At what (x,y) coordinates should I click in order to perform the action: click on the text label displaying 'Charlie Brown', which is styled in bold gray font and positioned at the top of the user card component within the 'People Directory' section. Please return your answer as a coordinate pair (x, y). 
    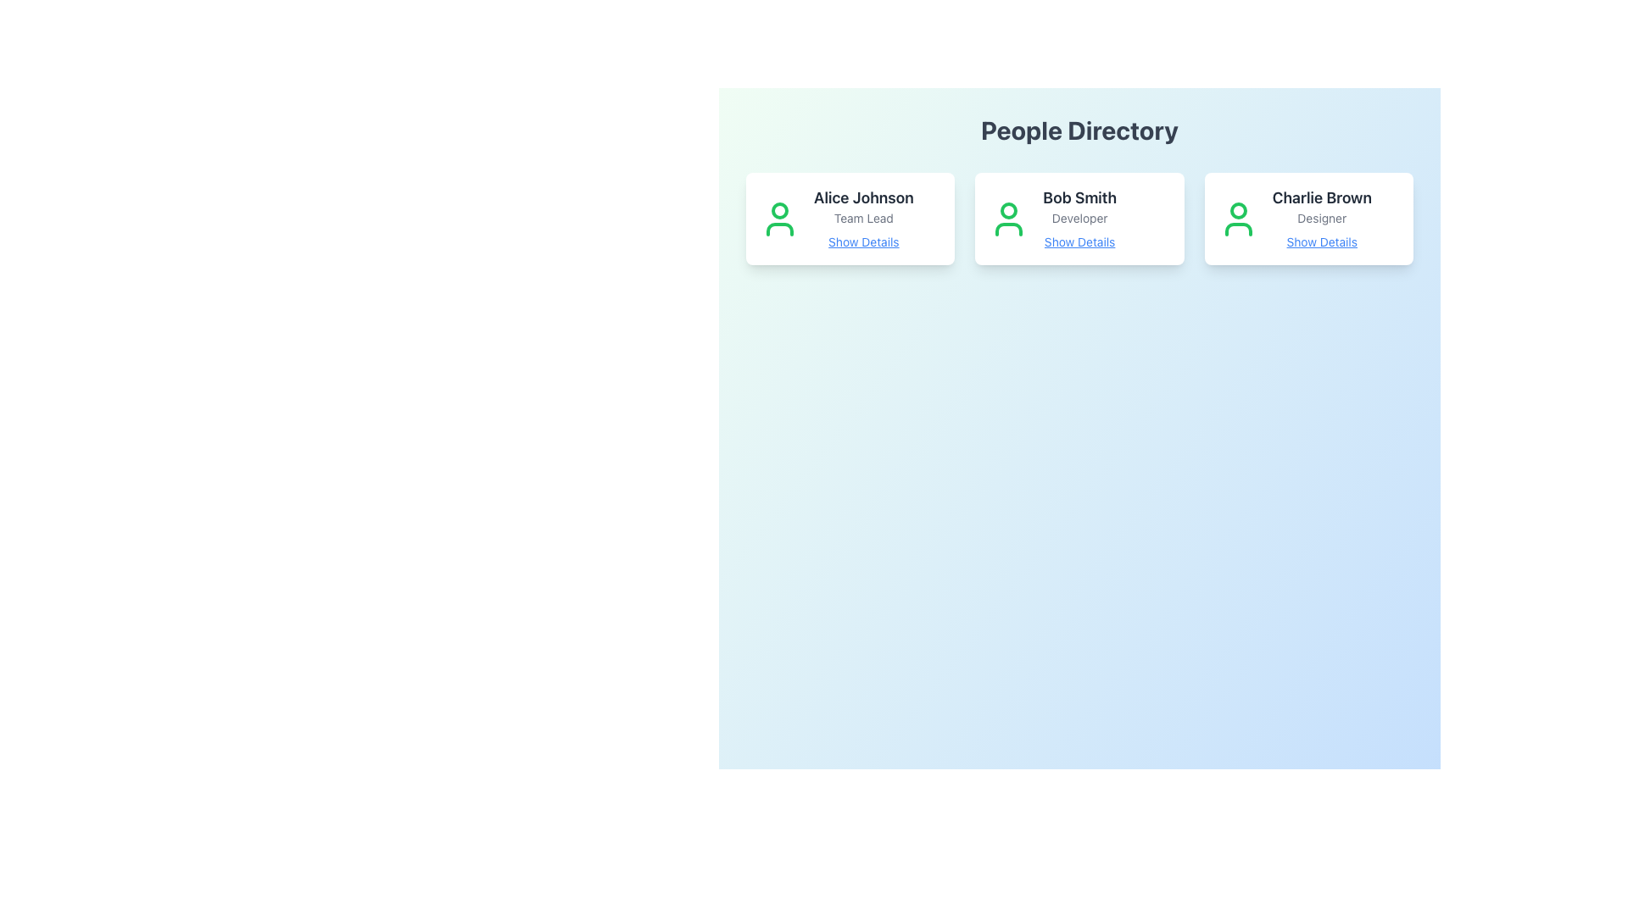
    Looking at the image, I should click on (1321, 197).